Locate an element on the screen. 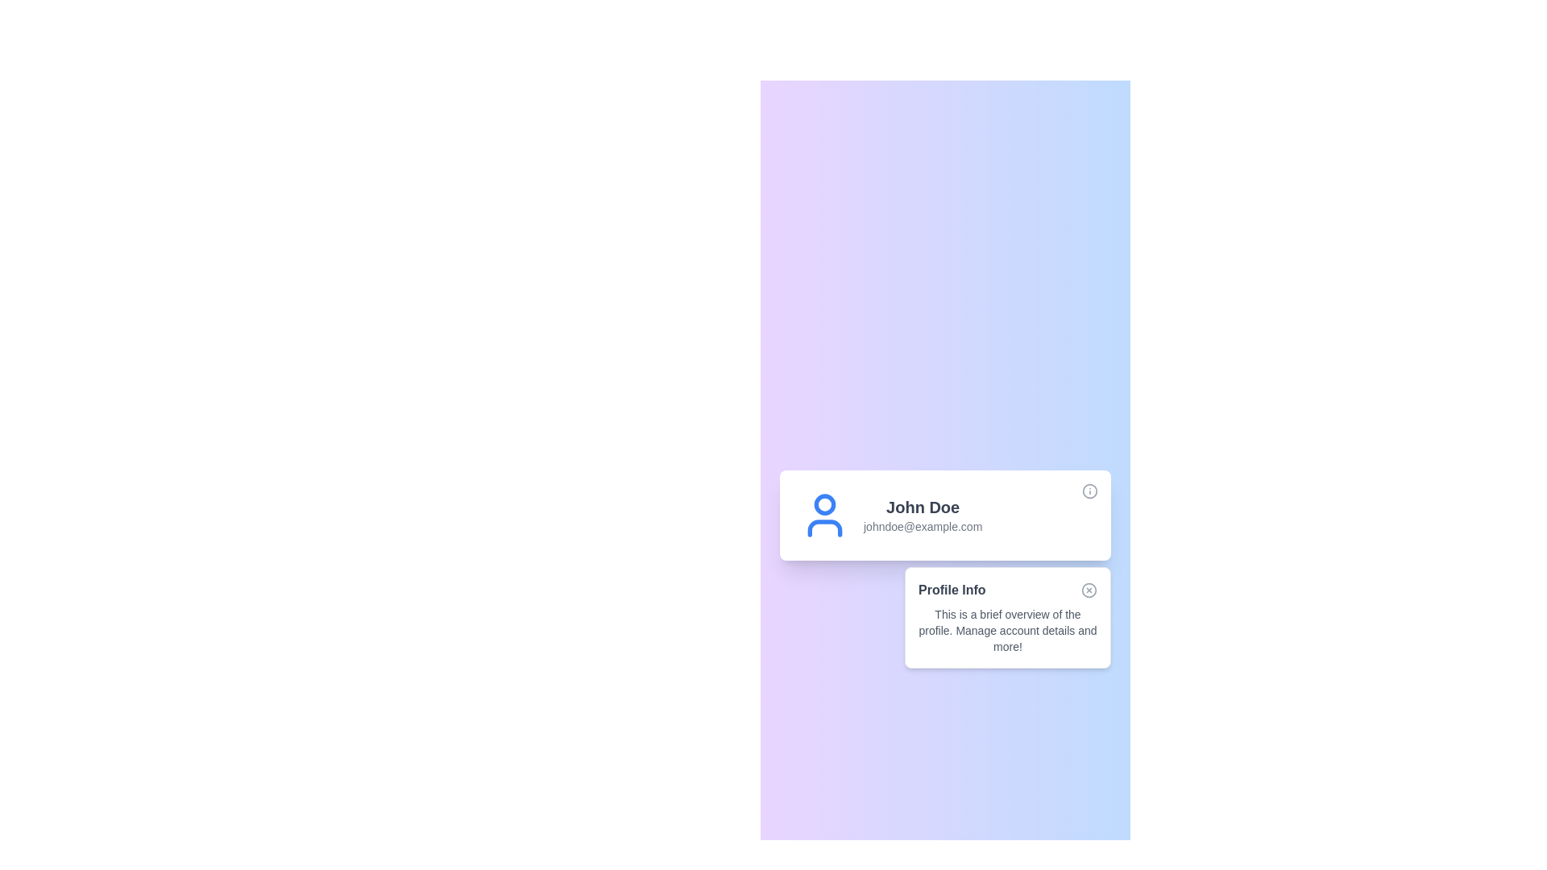 The height and width of the screenshot is (870, 1547). the text label displaying the email address 'johndoe@example.com', which is positioned beneath the name 'John Doe' in a faint gray color is located at coordinates (923, 527).